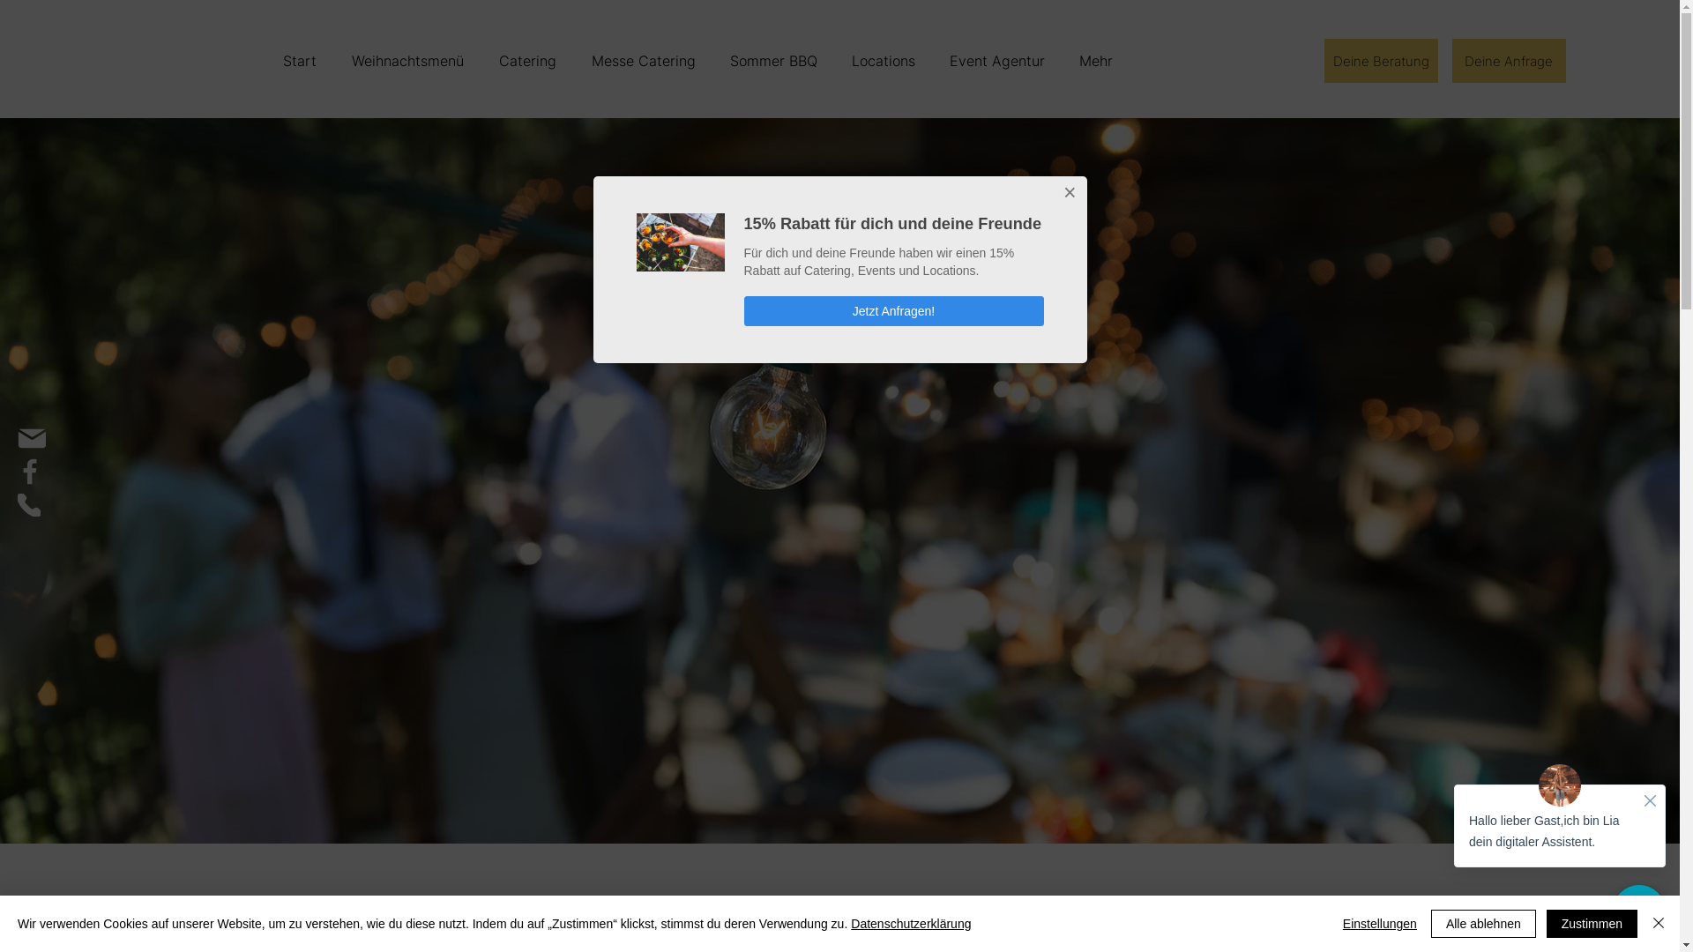  What do you see at coordinates (893, 310) in the screenshot?
I see `'Jetzt Anfragen!'` at bounding box center [893, 310].